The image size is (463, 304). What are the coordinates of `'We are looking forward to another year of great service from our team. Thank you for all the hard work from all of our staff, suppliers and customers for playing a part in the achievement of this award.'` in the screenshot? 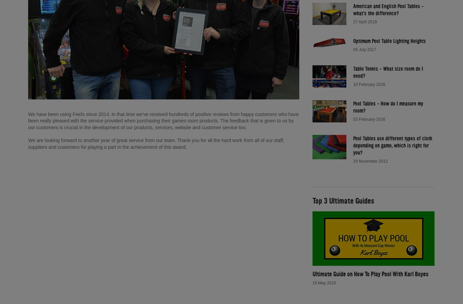 It's located at (28, 143).